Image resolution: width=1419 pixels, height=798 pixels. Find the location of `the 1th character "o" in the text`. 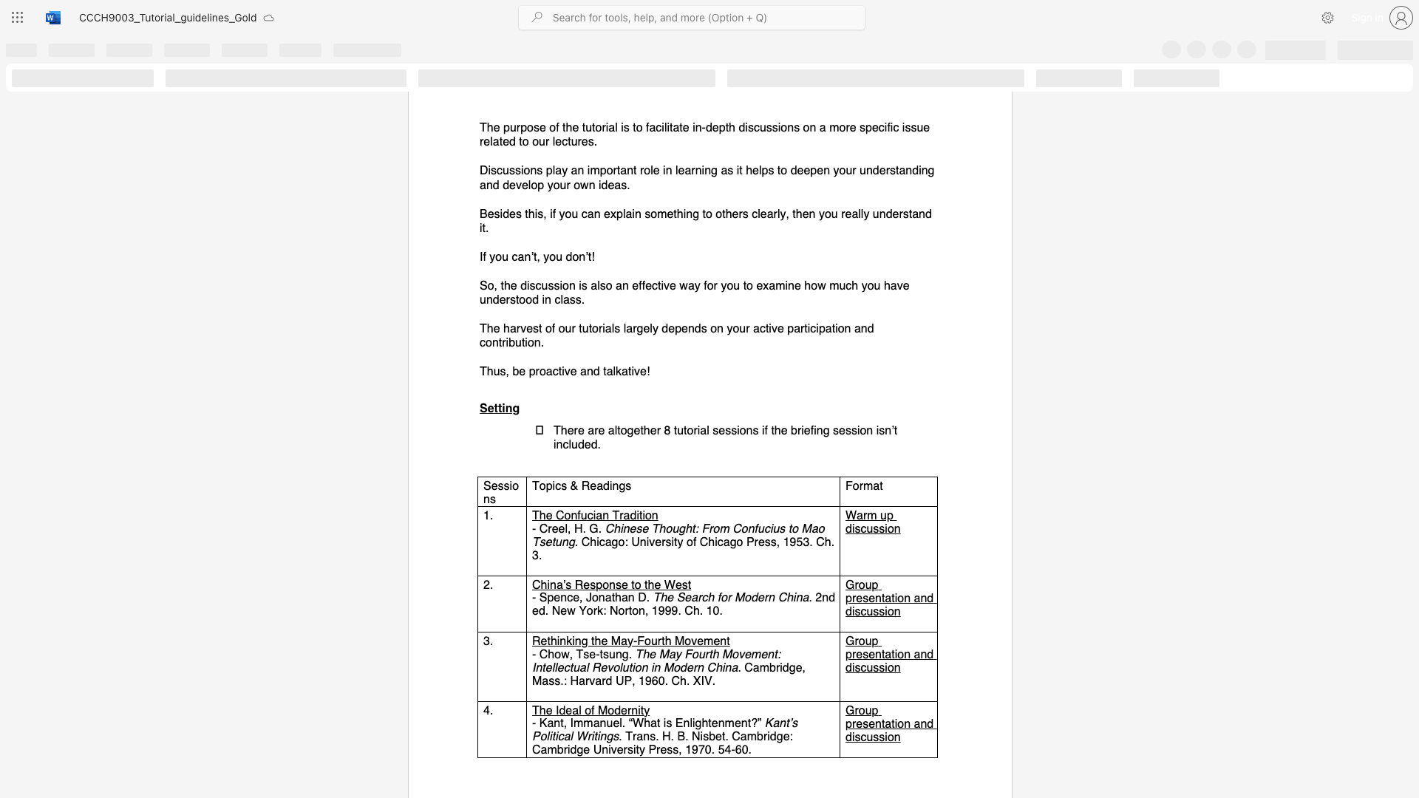

the 1th character "o" in the text is located at coordinates (542, 371).